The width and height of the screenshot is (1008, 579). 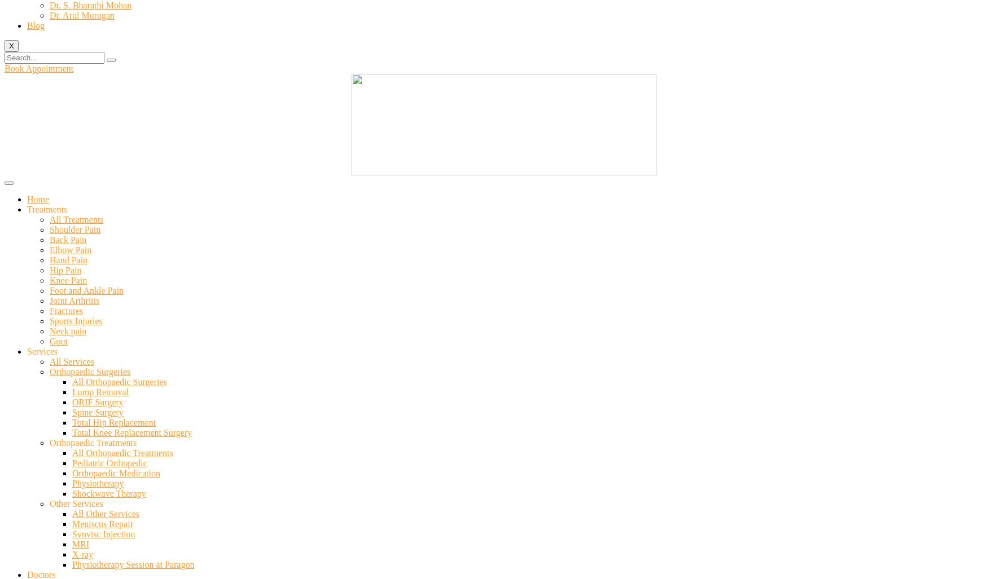 What do you see at coordinates (102, 524) in the screenshot?
I see `'Meniscus Repair'` at bounding box center [102, 524].